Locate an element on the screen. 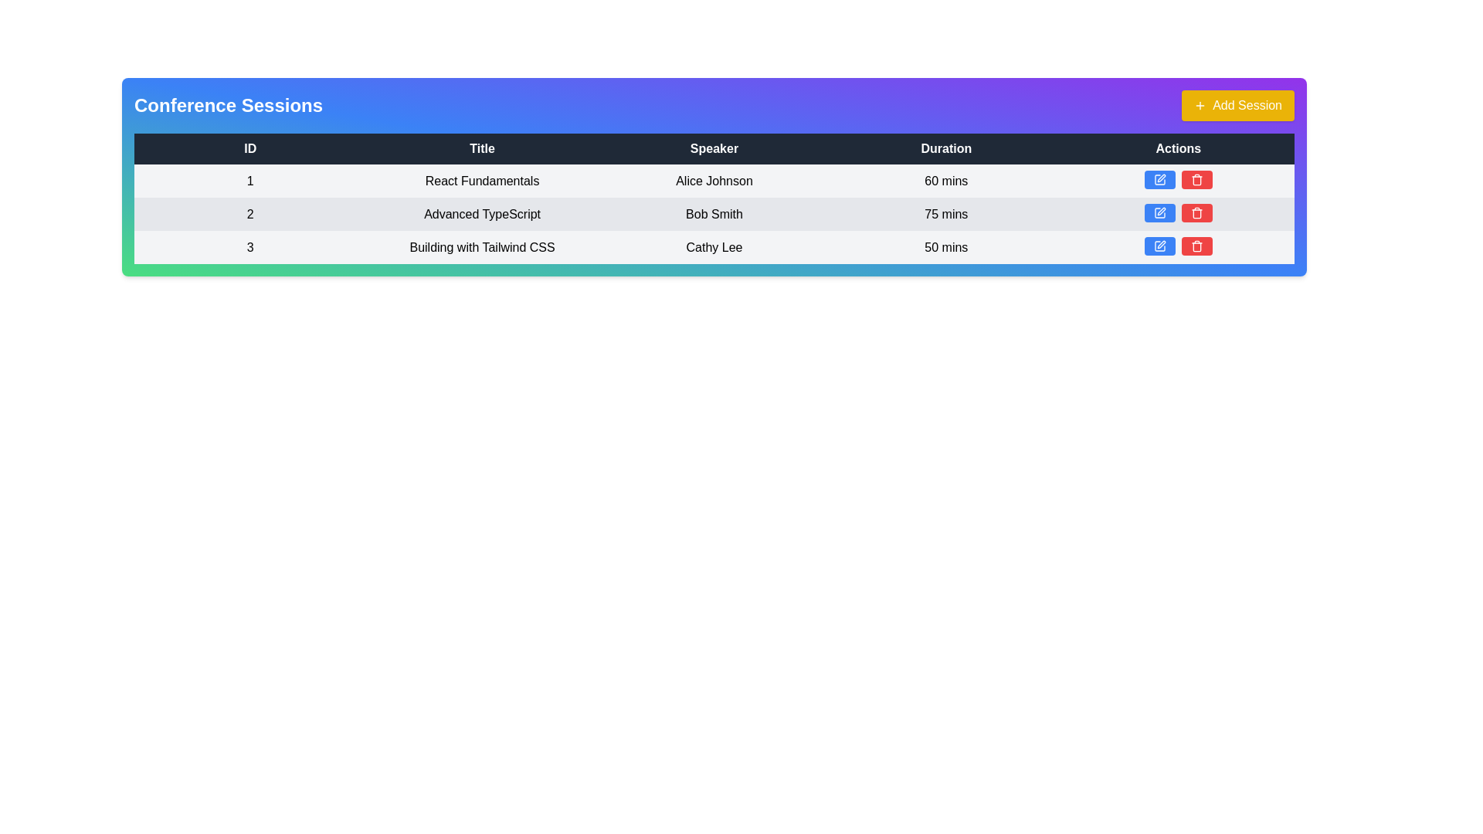  the text label displaying 'Conference Sessions' which is bold and large, set against a gradient background of blue and purple is located at coordinates (228, 105).